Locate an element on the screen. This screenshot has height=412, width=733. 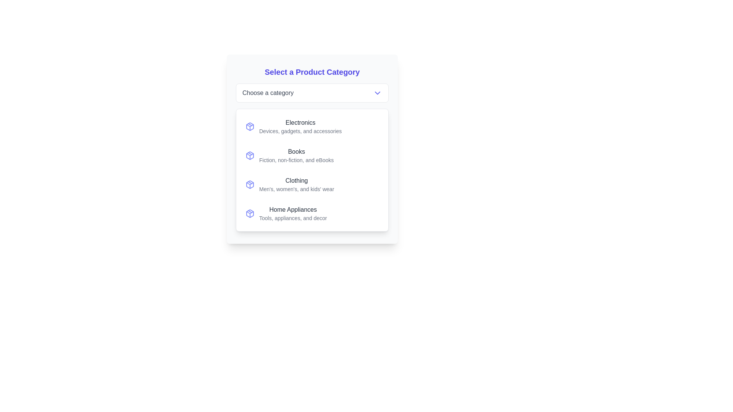
the list item element labeled 'Electronics' with an icon depicting a box is located at coordinates (300, 126).